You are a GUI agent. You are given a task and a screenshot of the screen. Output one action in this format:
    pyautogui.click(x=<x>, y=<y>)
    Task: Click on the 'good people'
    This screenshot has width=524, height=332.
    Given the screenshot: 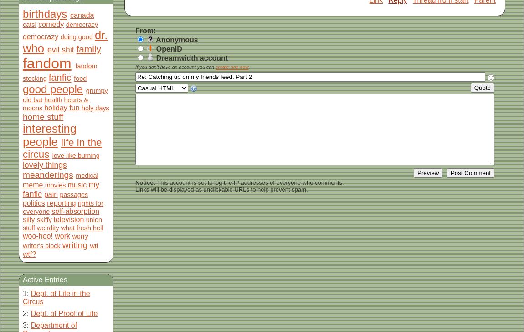 What is the action you would take?
    pyautogui.click(x=52, y=89)
    